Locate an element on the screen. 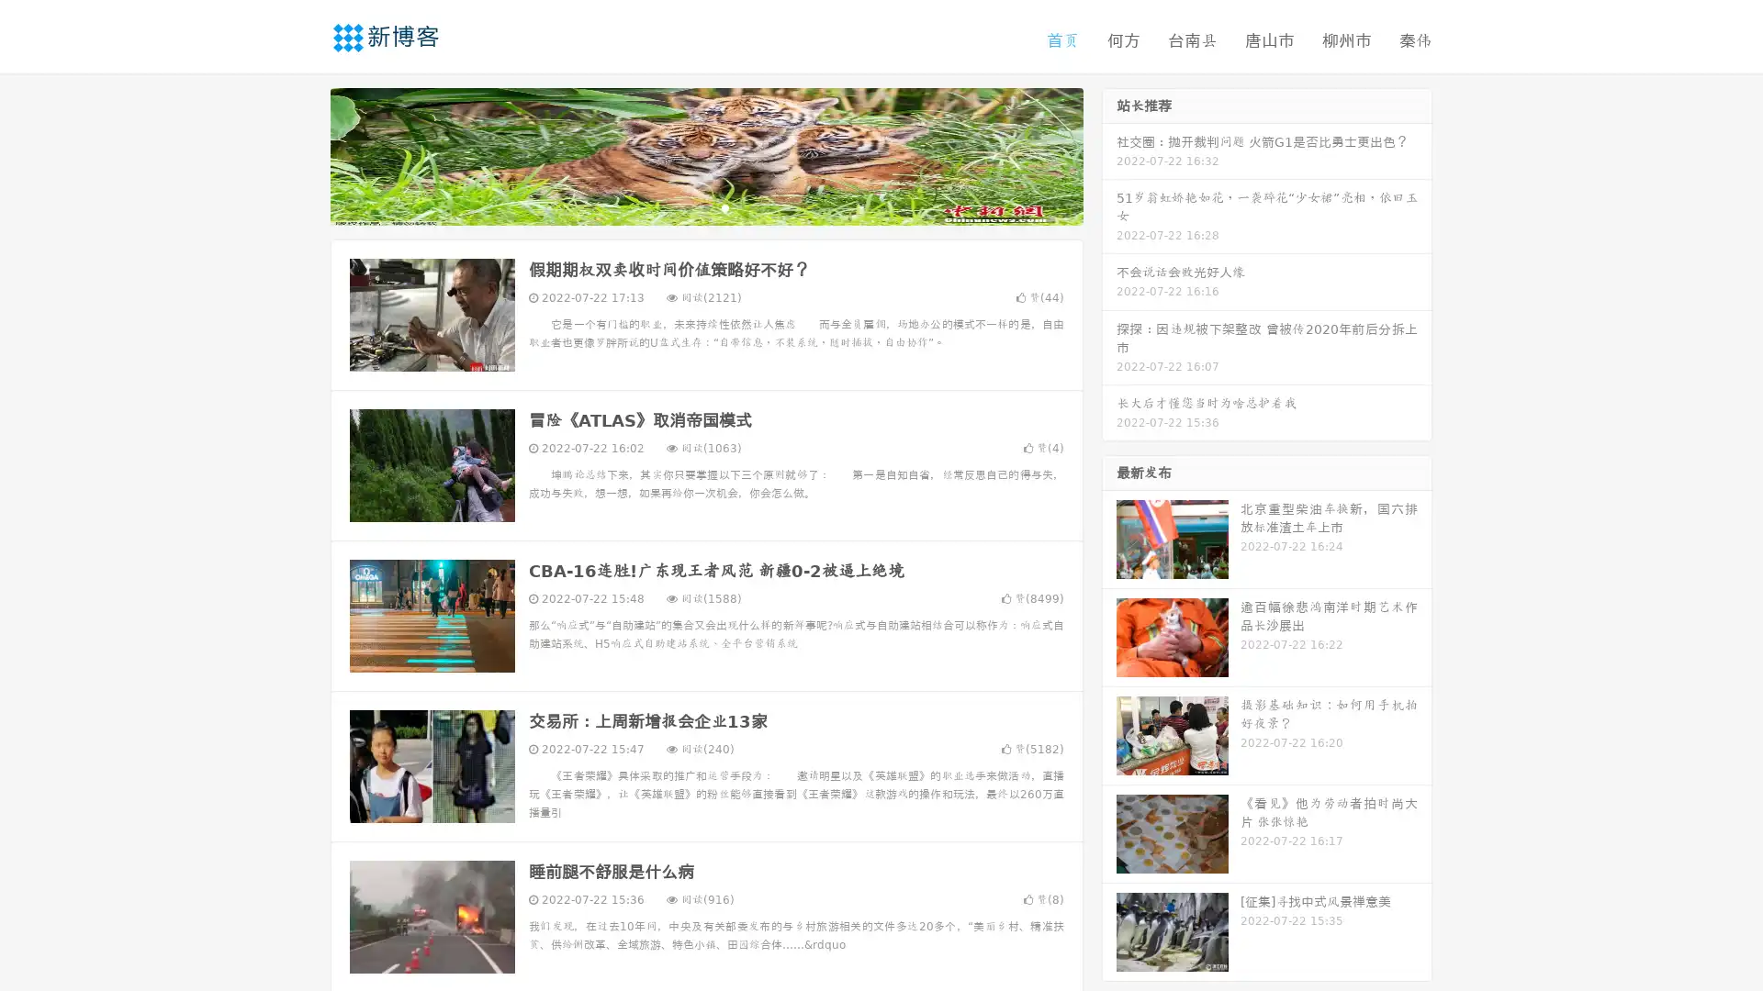  Go to slide 1 is located at coordinates (687, 206).